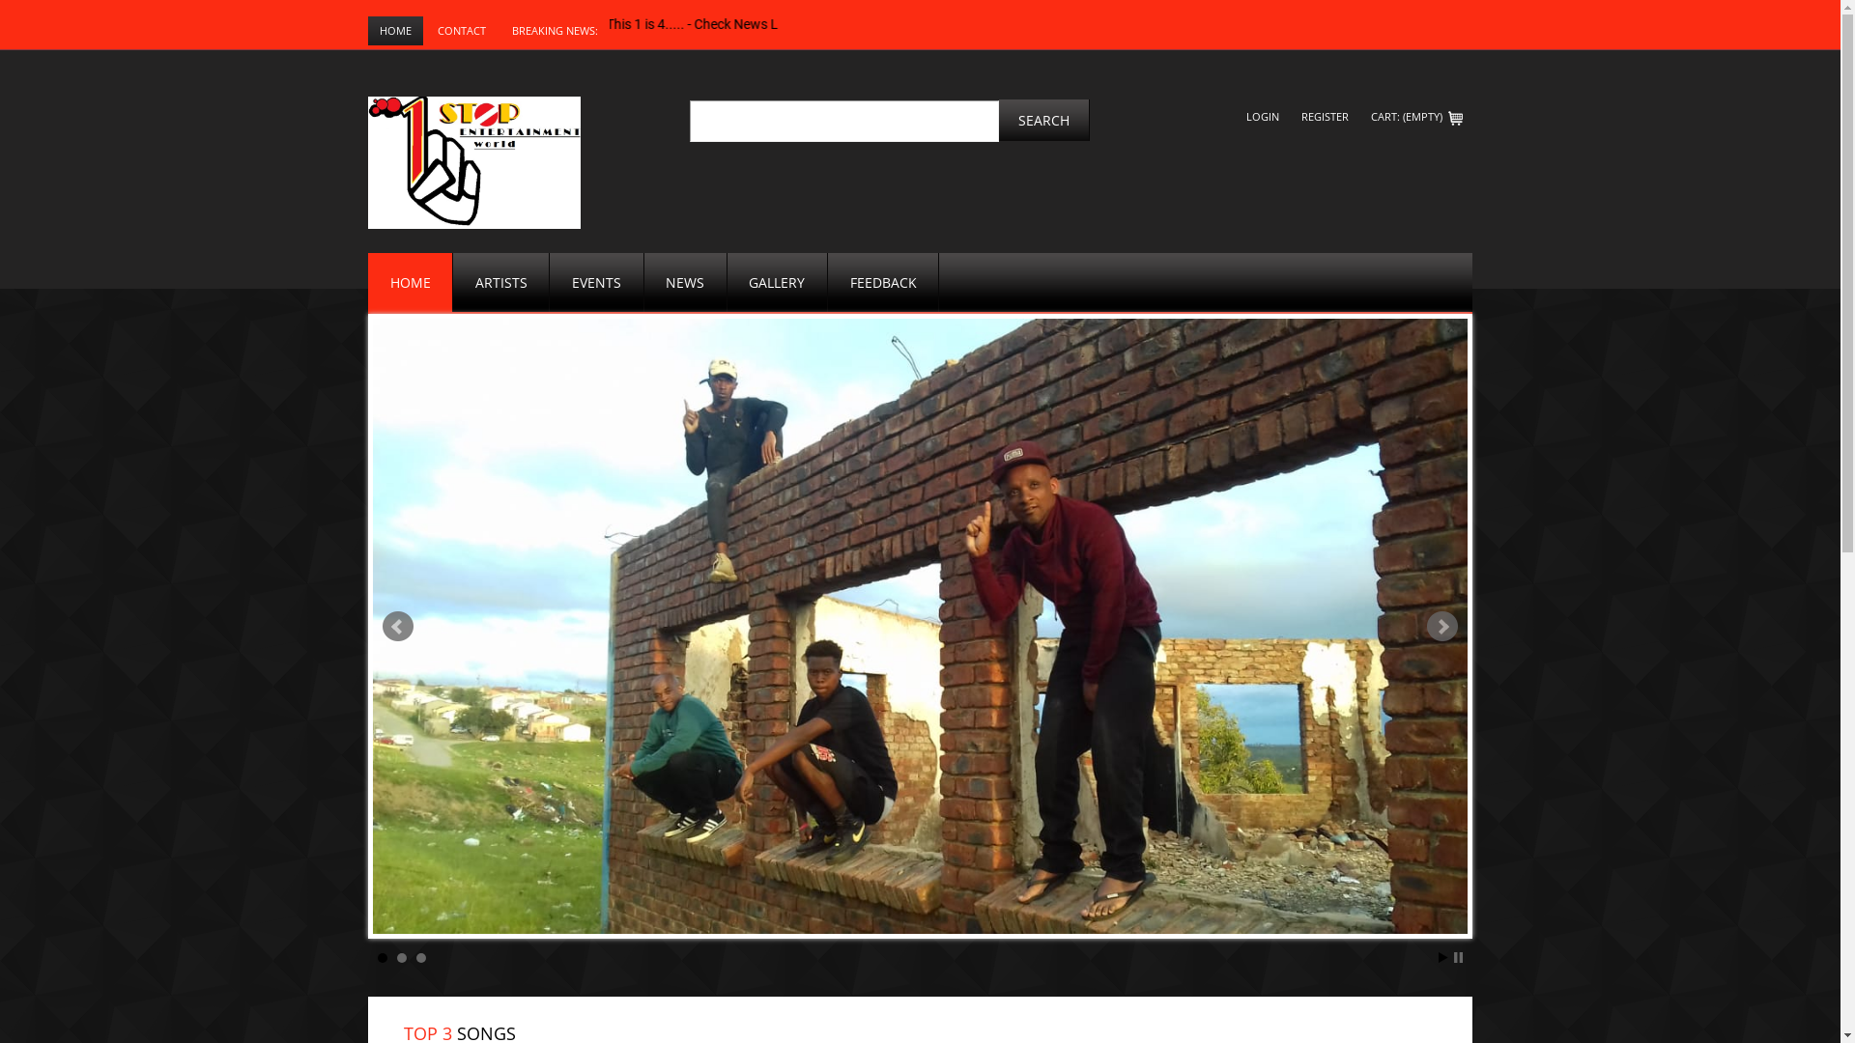  What do you see at coordinates (394, 30) in the screenshot?
I see `'HOME'` at bounding box center [394, 30].